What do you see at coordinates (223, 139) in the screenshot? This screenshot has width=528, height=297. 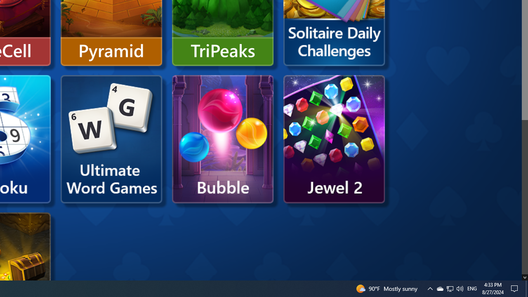 I see `'Microsoft Bubble'` at bounding box center [223, 139].